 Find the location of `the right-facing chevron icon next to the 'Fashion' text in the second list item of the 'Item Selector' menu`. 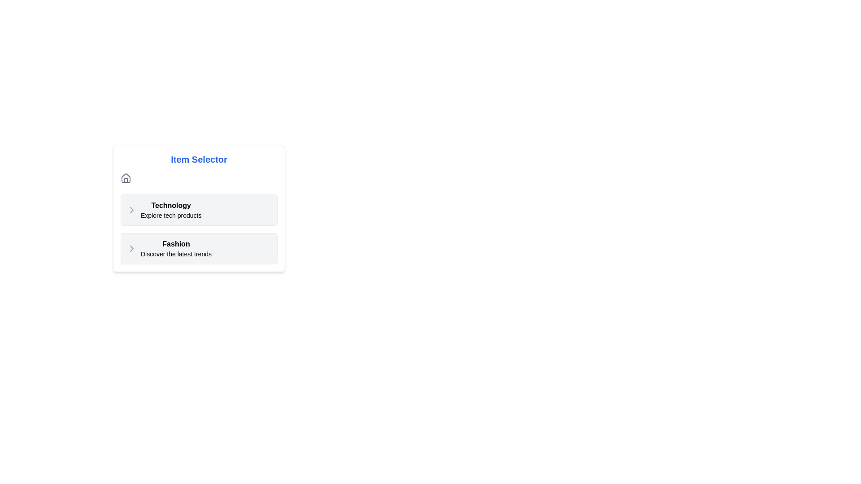

the right-facing chevron icon next to the 'Fashion' text in the second list item of the 'Item Selector' menu is located at coordinates (131, 249).